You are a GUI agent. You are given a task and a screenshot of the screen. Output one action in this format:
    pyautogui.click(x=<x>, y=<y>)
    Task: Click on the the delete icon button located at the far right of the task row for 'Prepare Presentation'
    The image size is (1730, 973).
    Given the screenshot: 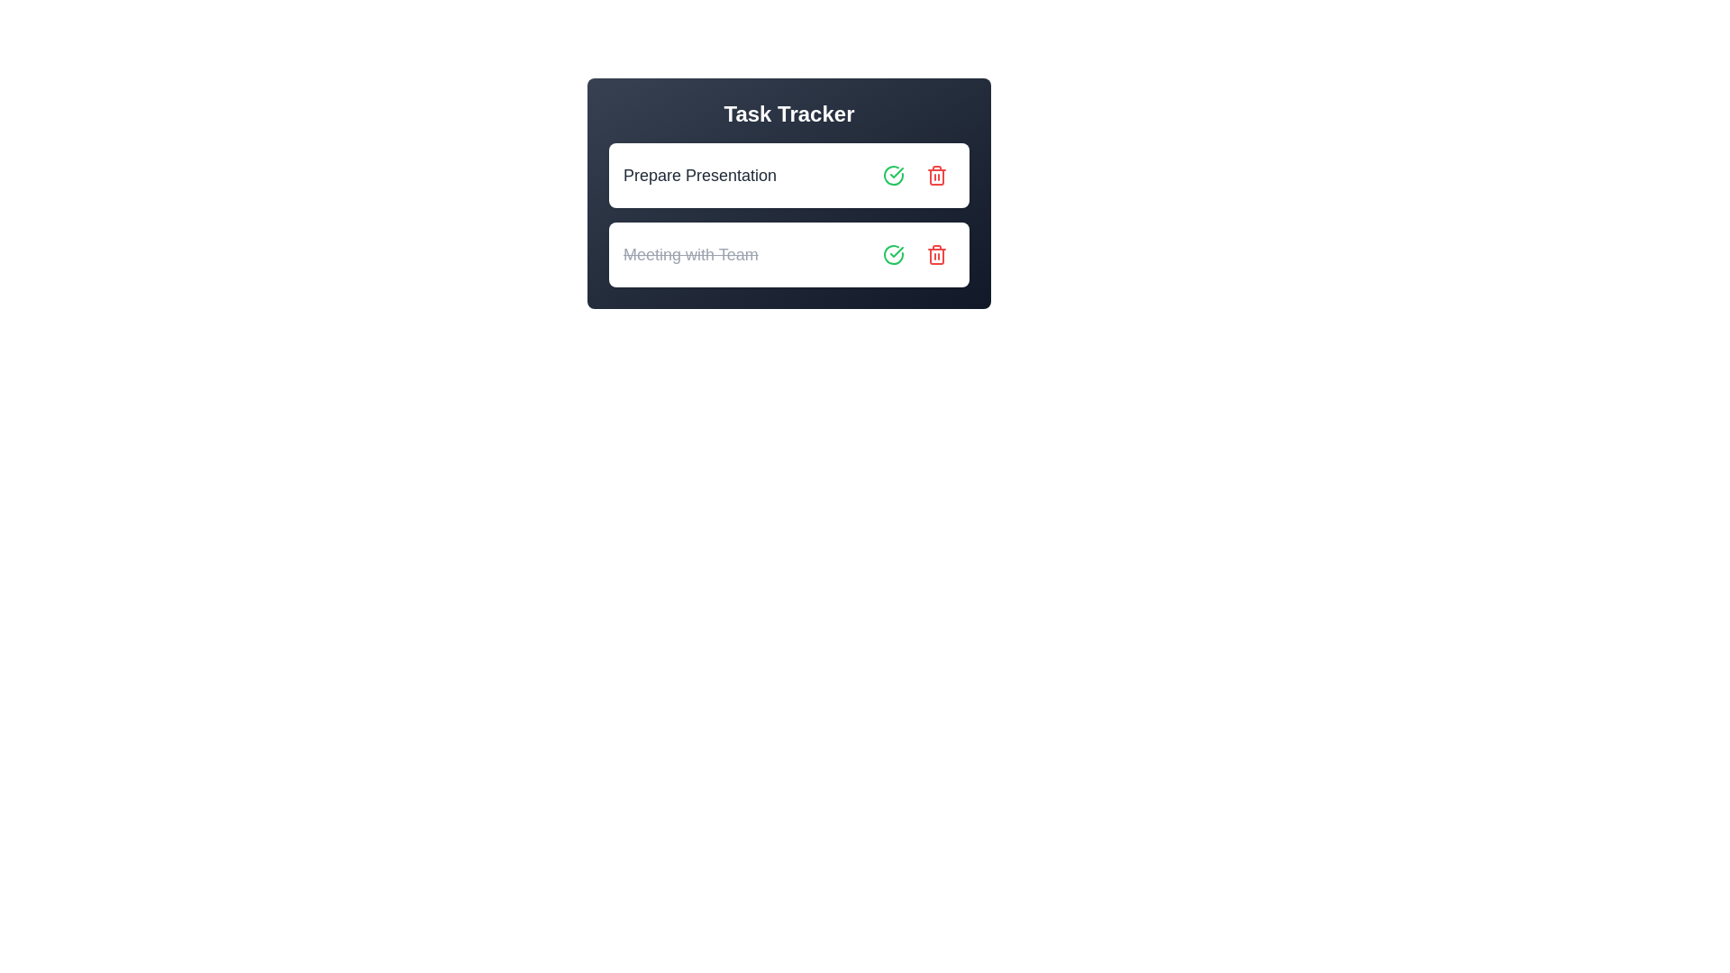 What is the action you would take?
    pyautogui.click(x=937, y=176)
    